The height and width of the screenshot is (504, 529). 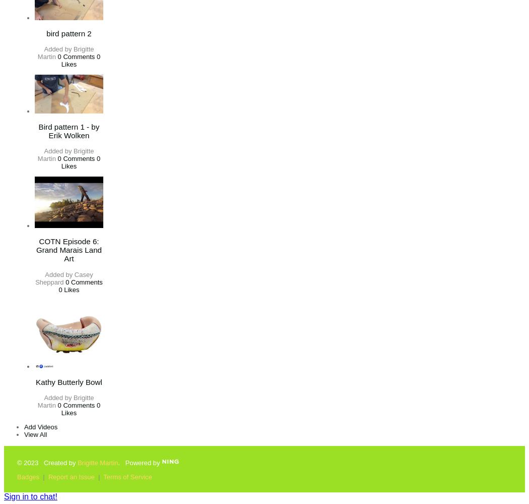 I want to click on 'Badges', so click(x=27, y=476).